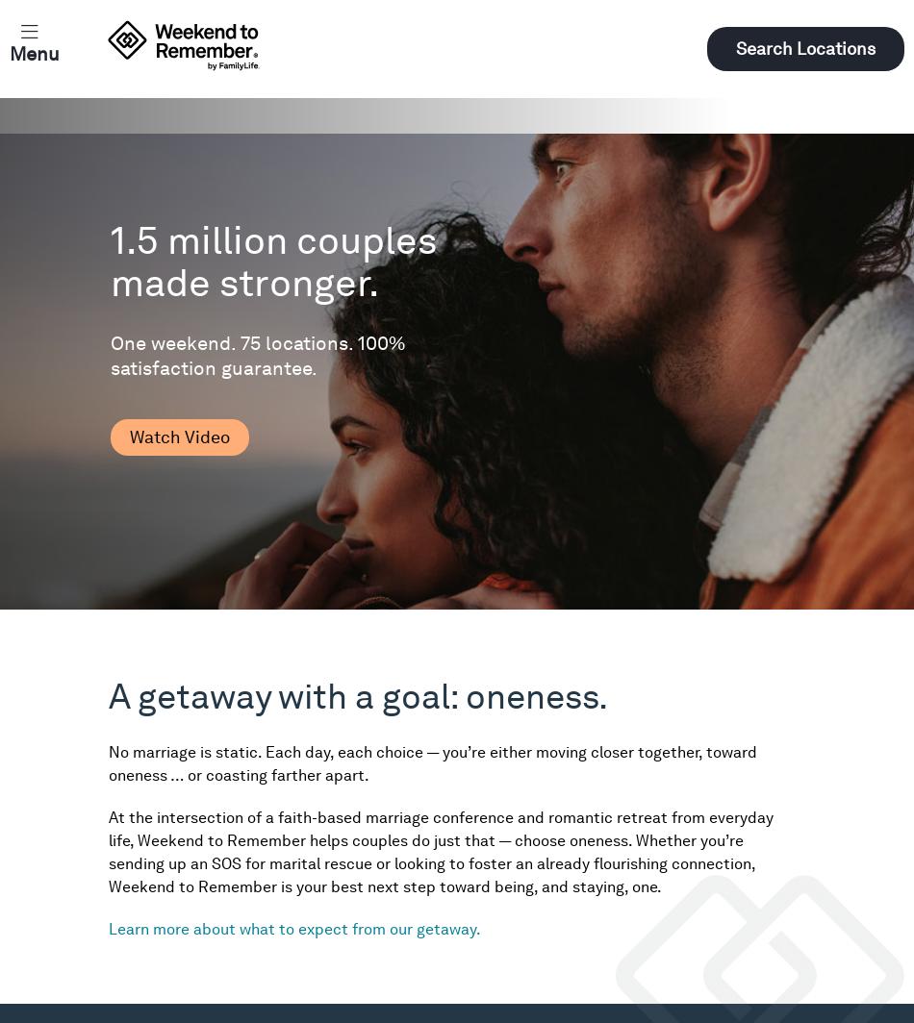 The width and height of the screenshot is (914, 1023). Describe the element at coordinates (179, 437) in the screenshot. I see `'Watch Video'` at that location.